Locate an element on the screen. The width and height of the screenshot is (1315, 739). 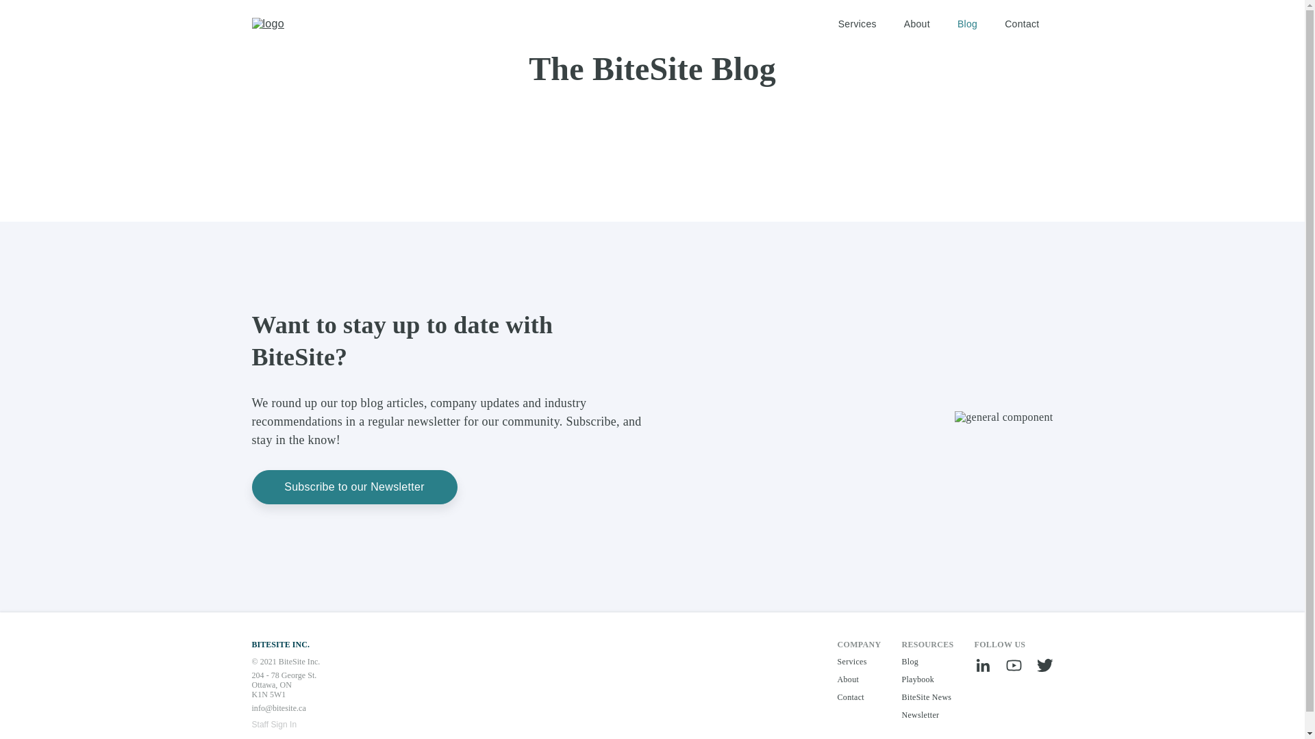
'Subscribe to our Newsletter' is located at coordinates (355, 487).